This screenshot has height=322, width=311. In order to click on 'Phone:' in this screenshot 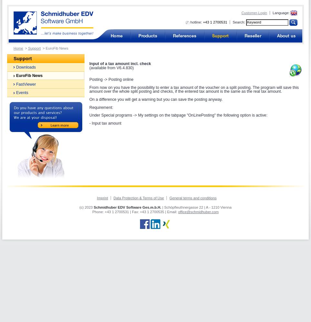, I will do `click(98, 212)`.